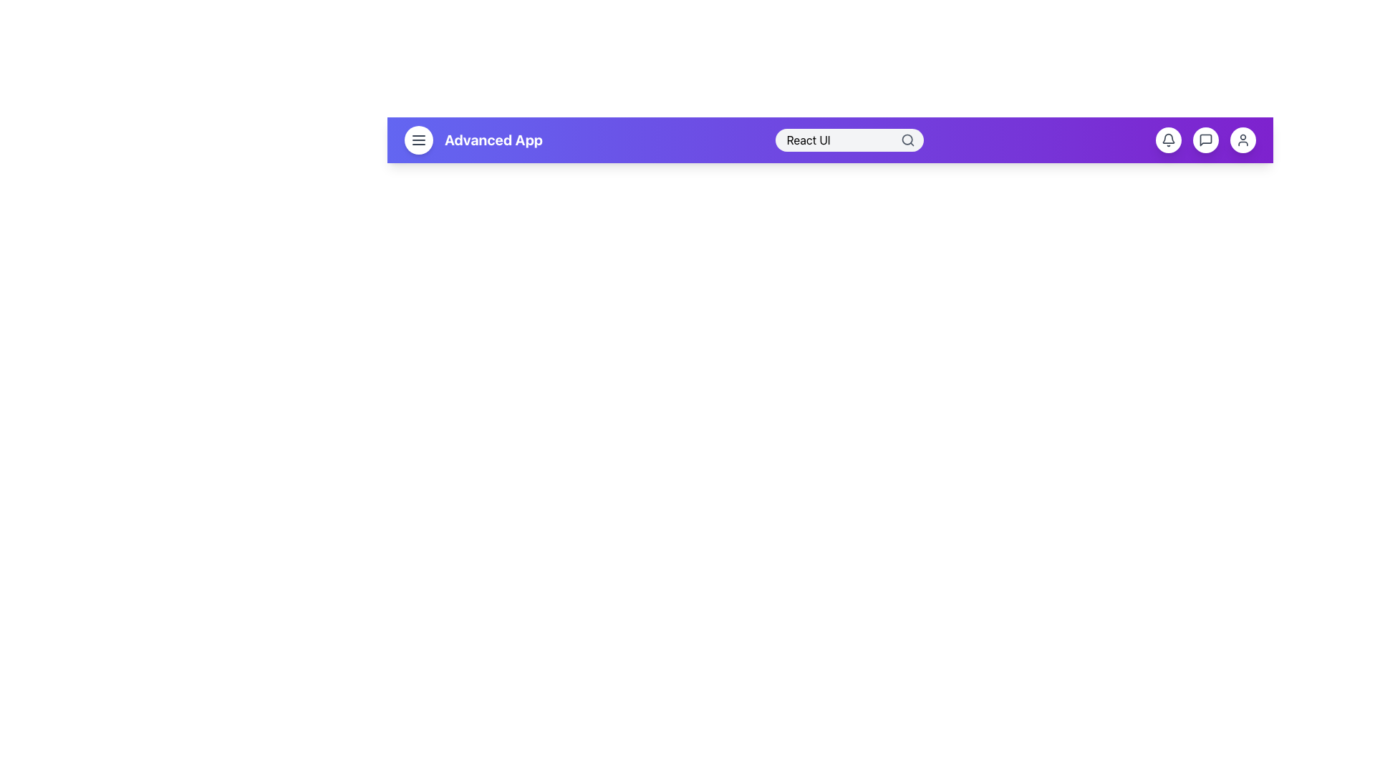 This screenshot has height=773, width=1375. What do you see at coordinates (1205, 140) in the screenshot?
I see `the circular button with a speech bubble icon, located in the top-right corner of the horizontal menu bar` at bounding box center [1205, 140].